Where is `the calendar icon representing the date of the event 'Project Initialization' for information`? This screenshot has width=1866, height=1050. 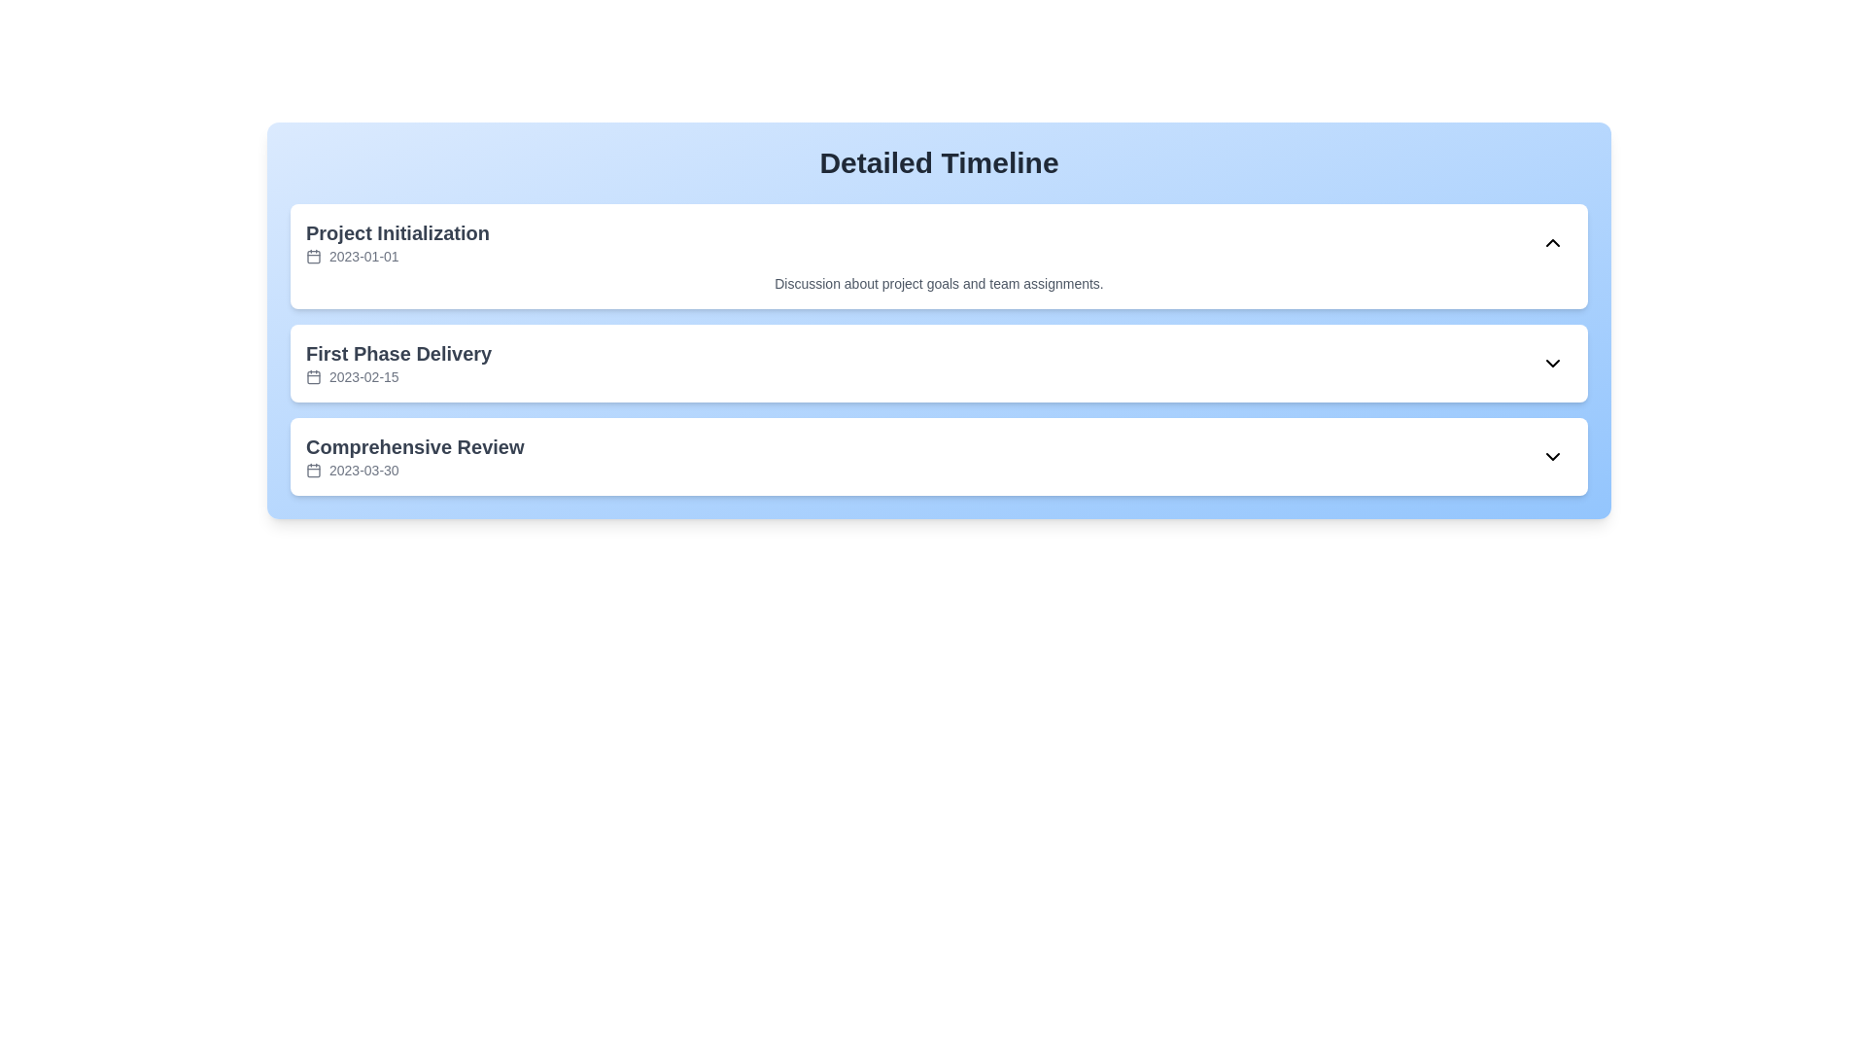
the calendar icon representing the date of the event 'Project Initialization' for information is located at coordinates (313, 255).